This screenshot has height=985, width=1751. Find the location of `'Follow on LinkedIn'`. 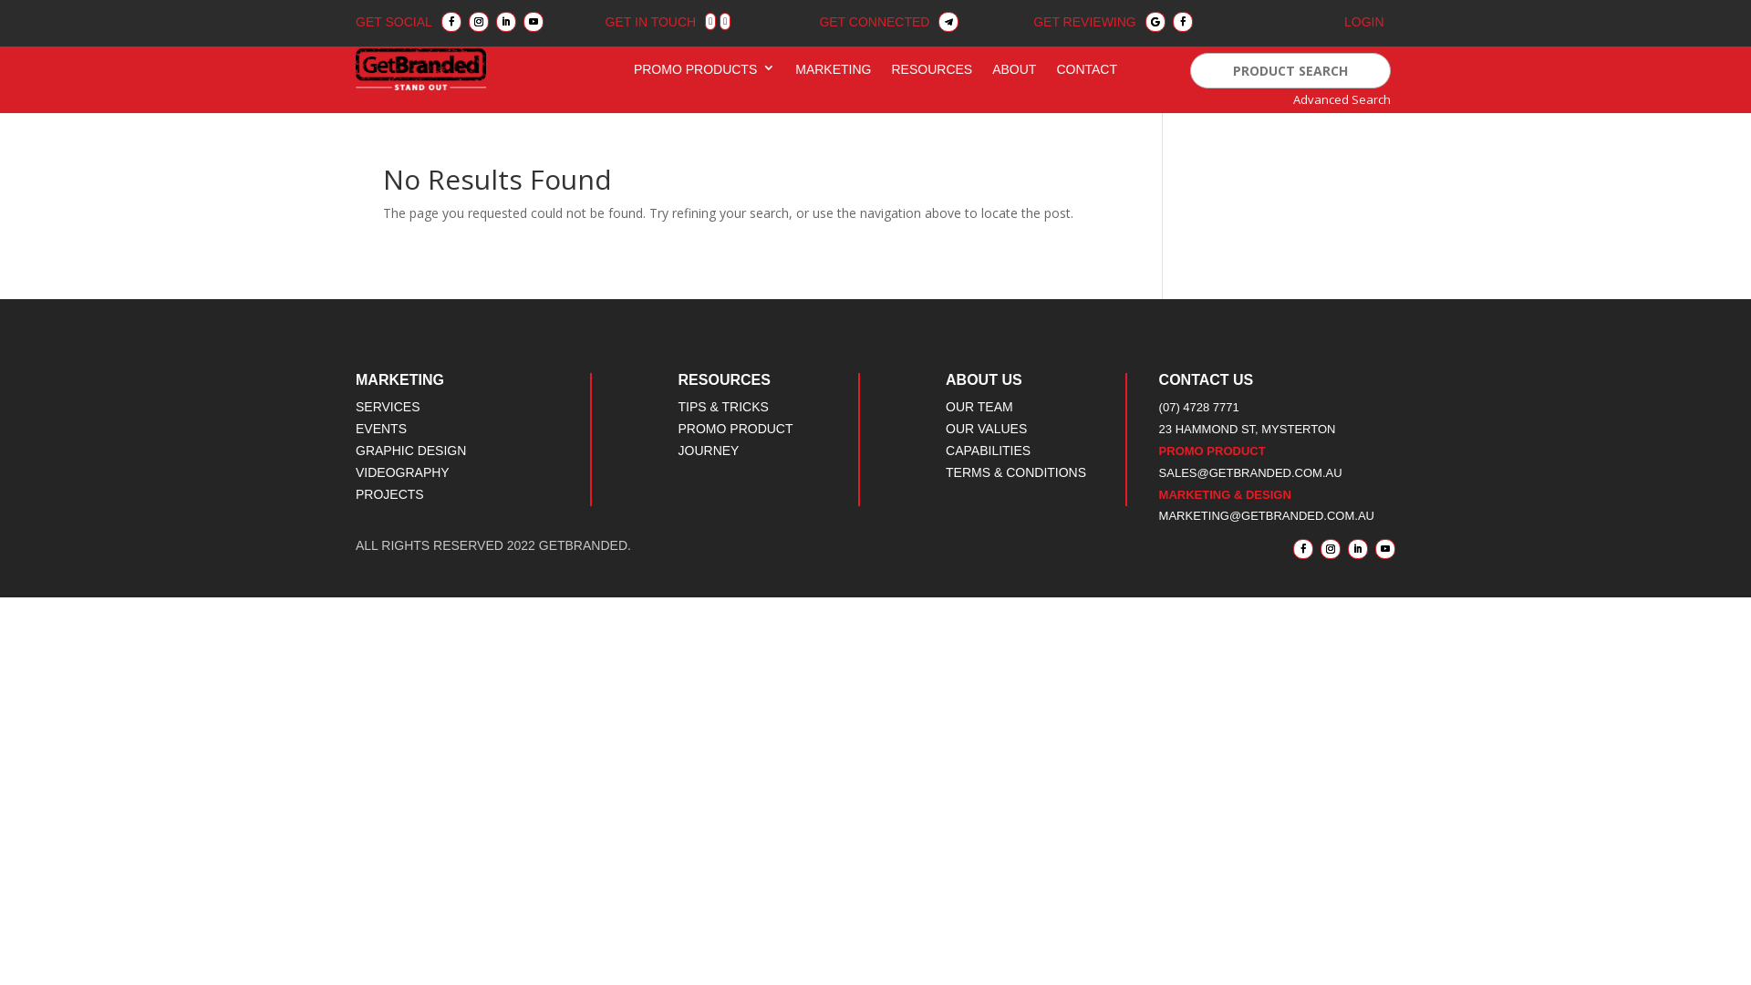

'Follow on LinkedIn' is located at coordinates (1357, 547).